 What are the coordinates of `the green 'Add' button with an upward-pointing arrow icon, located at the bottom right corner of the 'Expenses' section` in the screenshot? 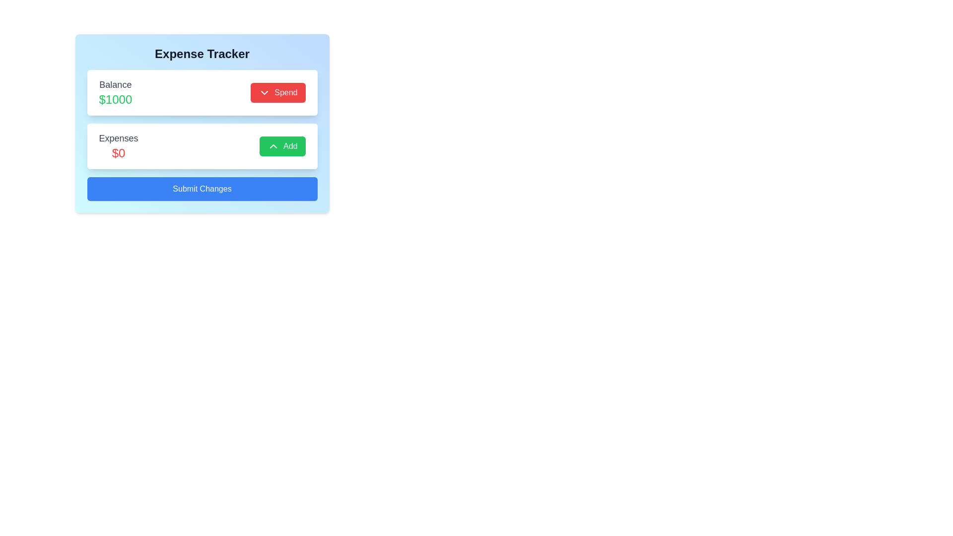 It's located at (282, 146).